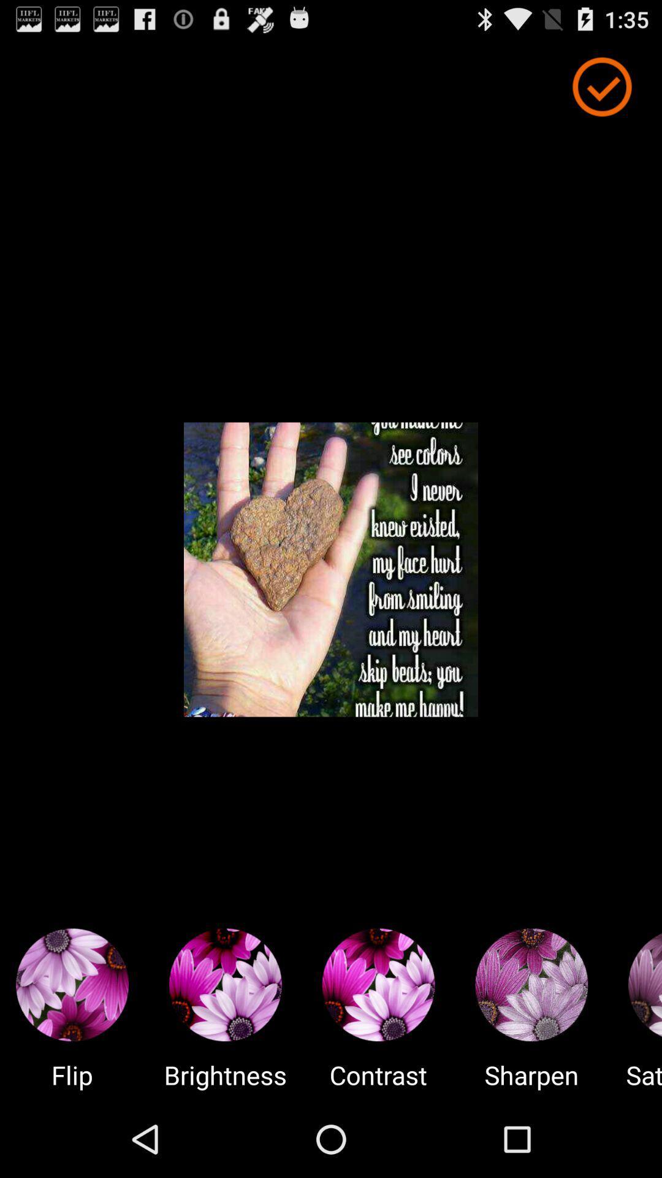 Image resolution: width=662 pixels, height=1178 pixels. Describe the element at coordinates (601, 92) in the screenshot. I see `the check icon` at that location.